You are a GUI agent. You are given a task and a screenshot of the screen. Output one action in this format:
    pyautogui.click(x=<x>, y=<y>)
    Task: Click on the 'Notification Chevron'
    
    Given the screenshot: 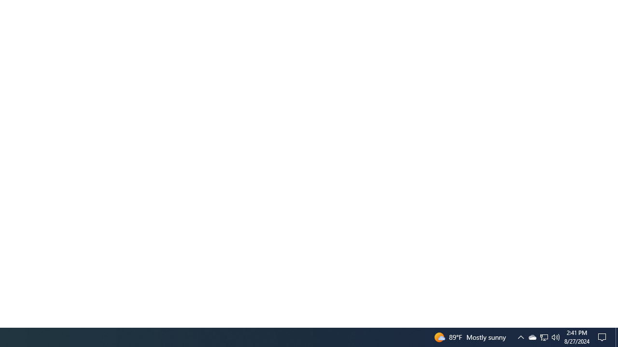 What is the action you would take?
    pyautogui.click(x=520, y=336)
    